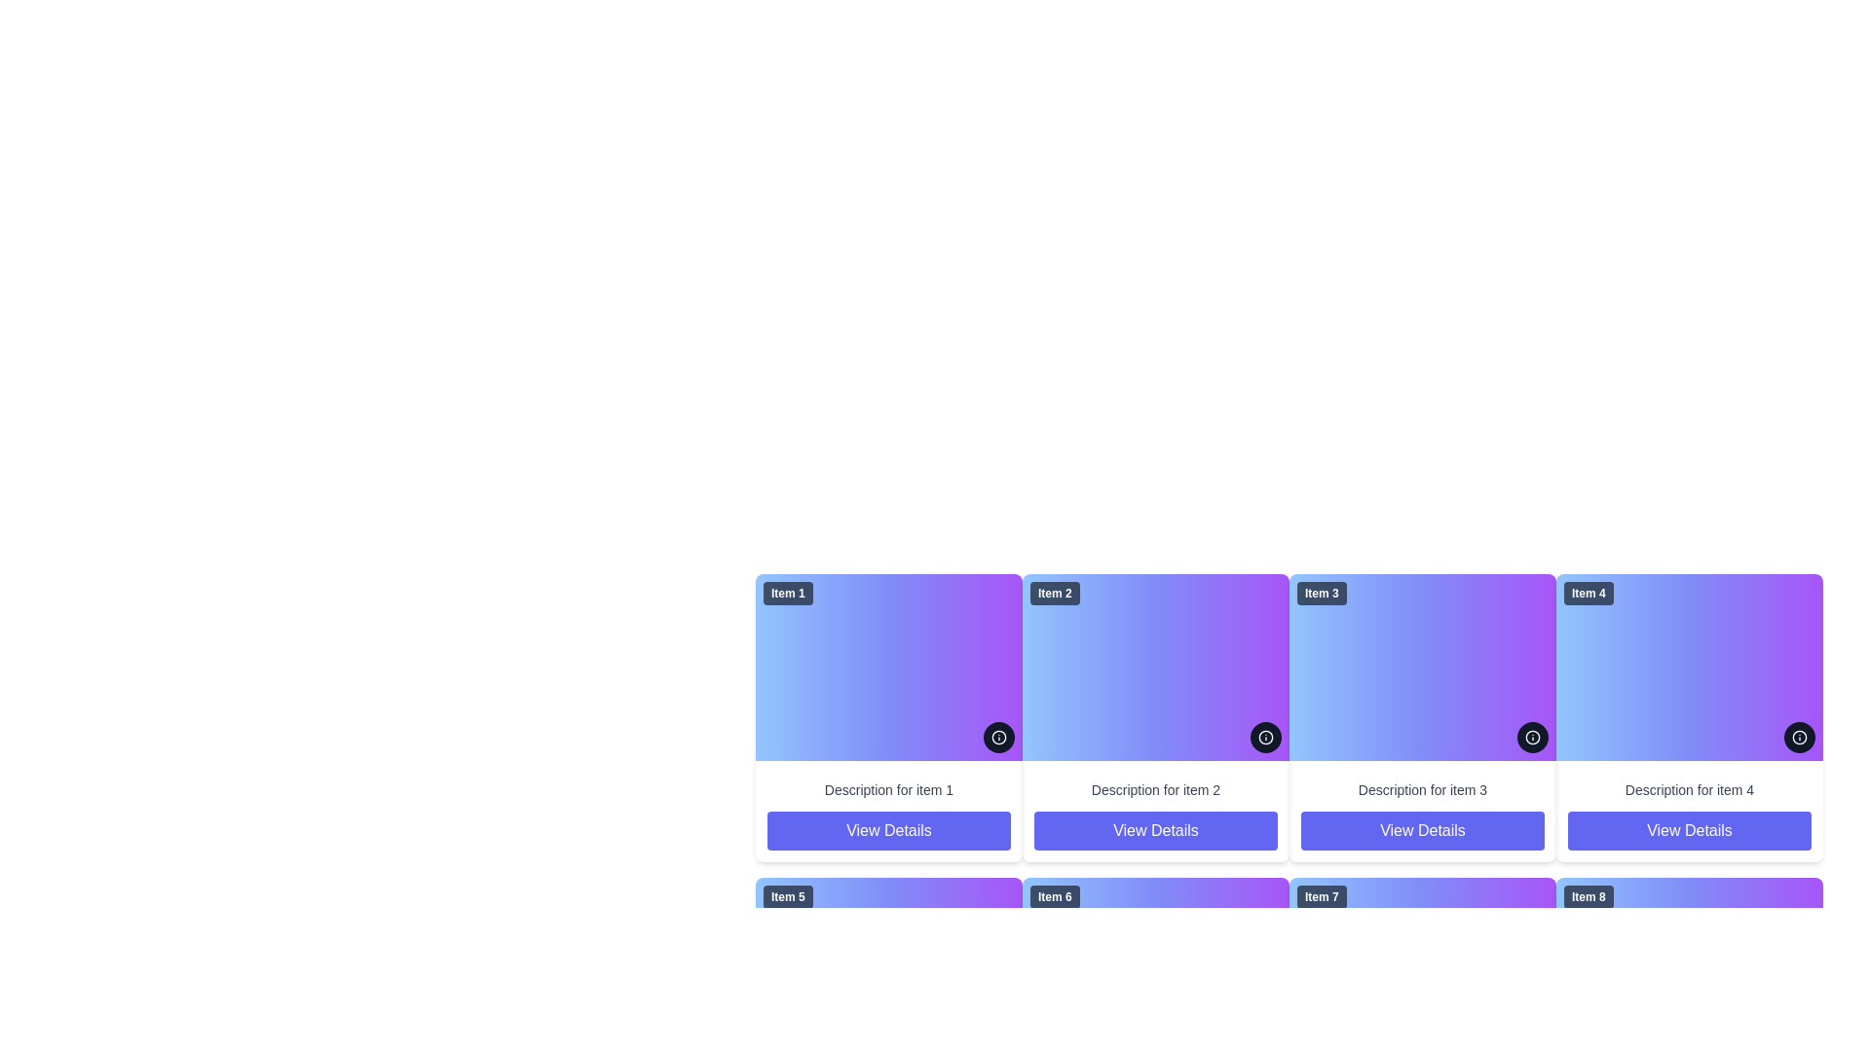  Describe the element at coordinates (1422, 811) in the screenshot. I see `the 'View Details' button located in the third card of the grid layout, which contains the text 'Description for item 3'` at that location.